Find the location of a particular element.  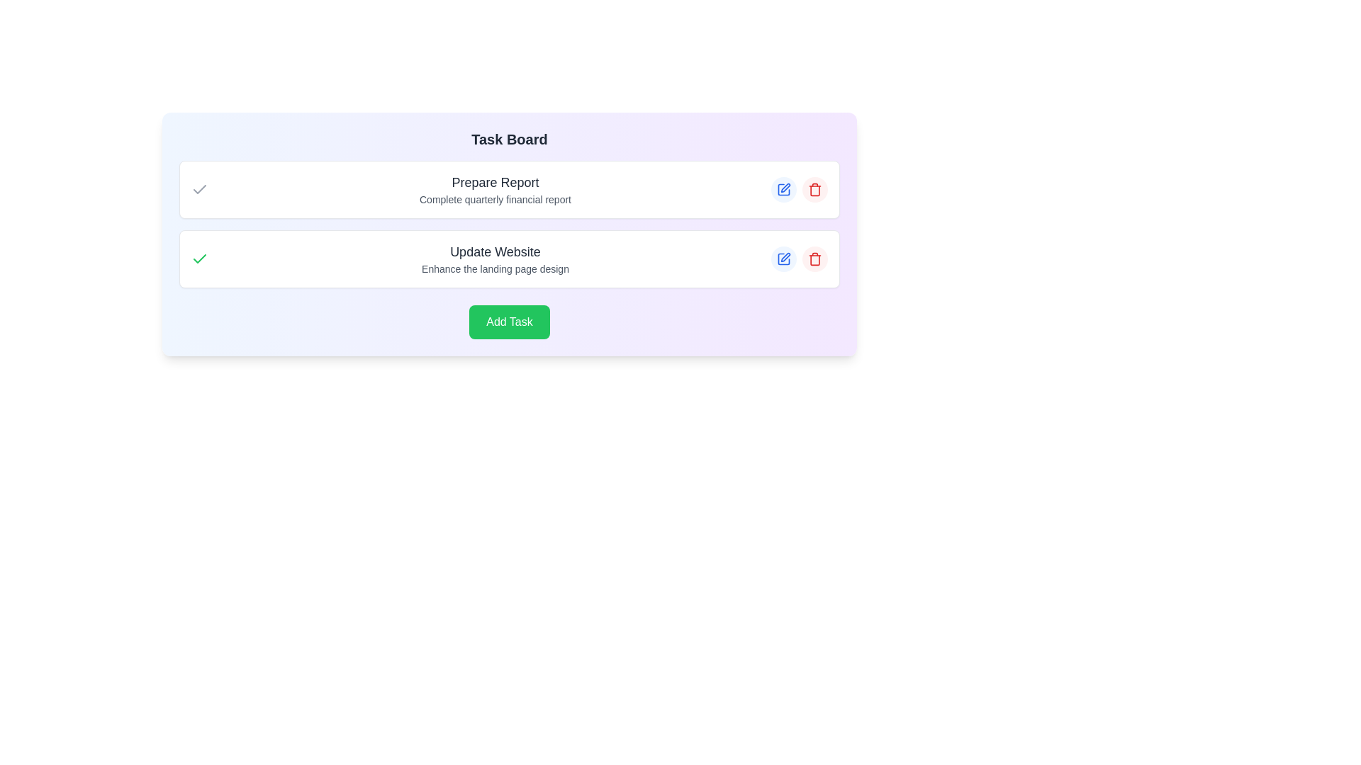

the static text that reads 'Complete quarterly financial report', which is styled in gray and positioned below the 'Prepare Report' heading is located at coordinates (495, 199).